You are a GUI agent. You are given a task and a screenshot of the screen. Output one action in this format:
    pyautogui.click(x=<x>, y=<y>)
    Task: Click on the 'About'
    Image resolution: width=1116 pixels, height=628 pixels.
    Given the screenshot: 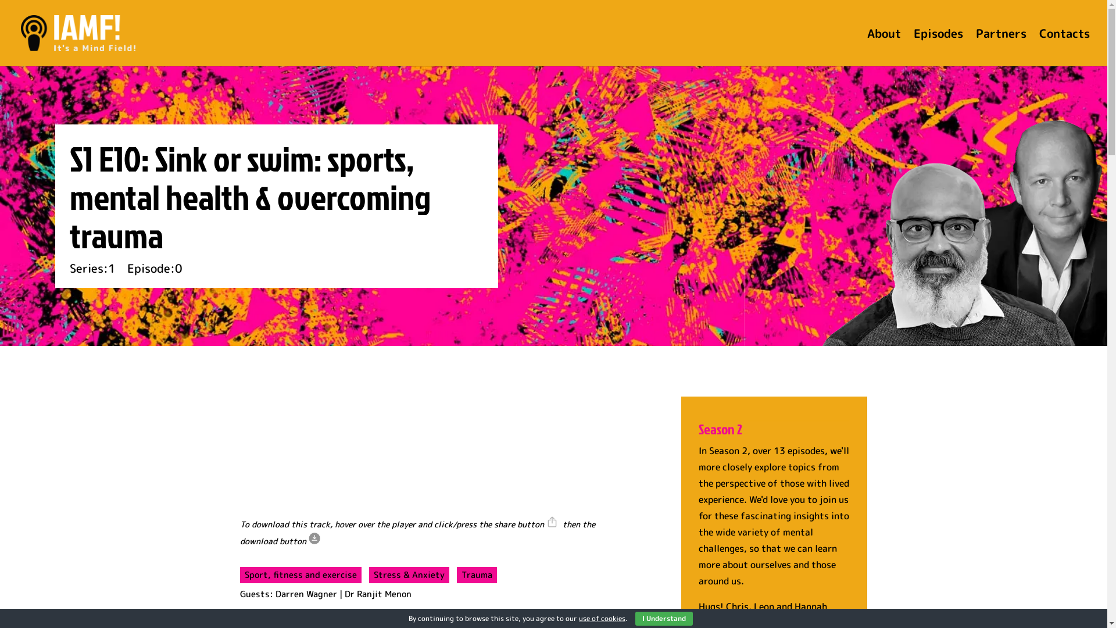 What is the action you would take?
    pyautogui.click(x=884, y=47)
    